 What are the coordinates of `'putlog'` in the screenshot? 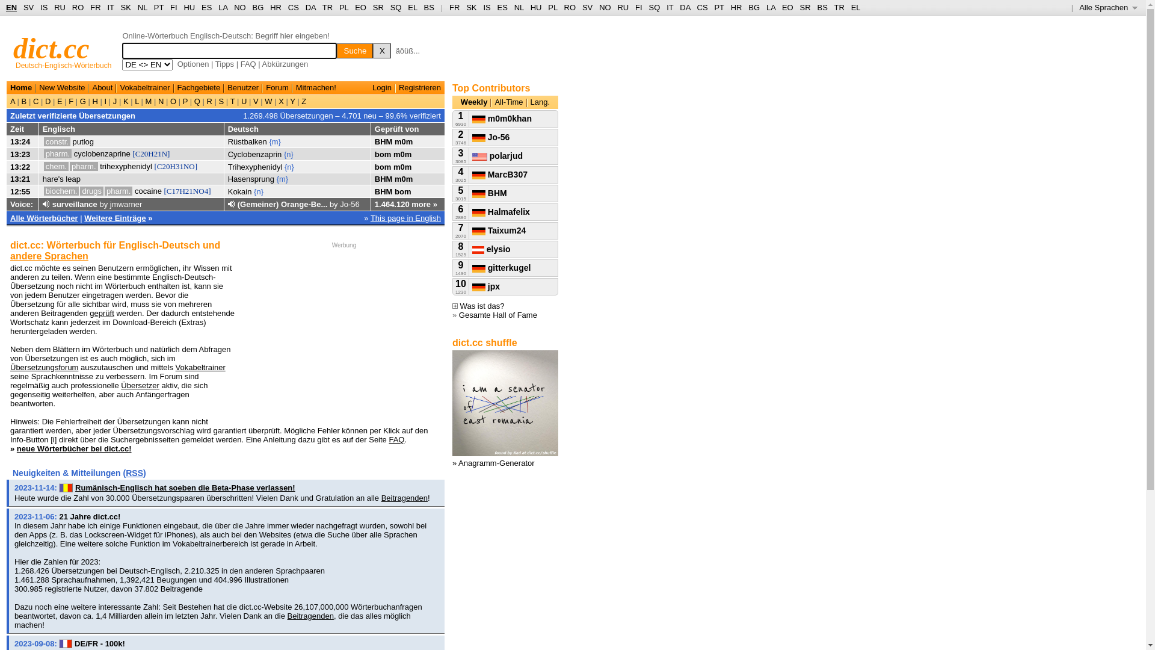 It's located at (82, 141).